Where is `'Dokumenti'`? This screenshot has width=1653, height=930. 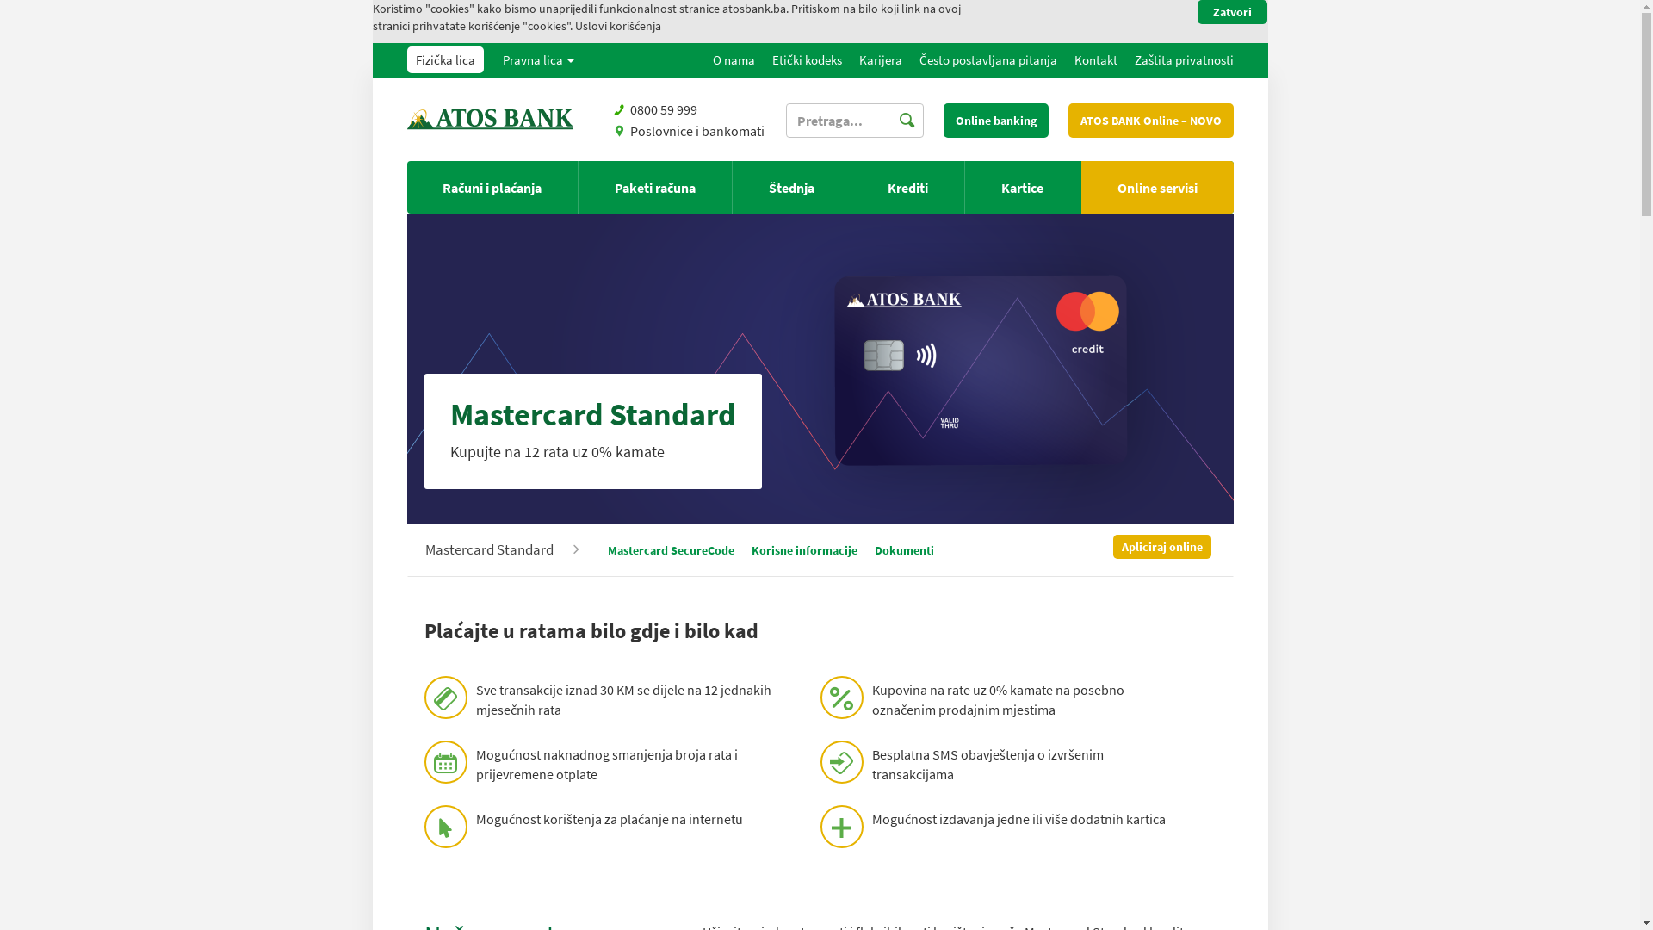 'Dokumenti' is located at coordinates (903, 550).